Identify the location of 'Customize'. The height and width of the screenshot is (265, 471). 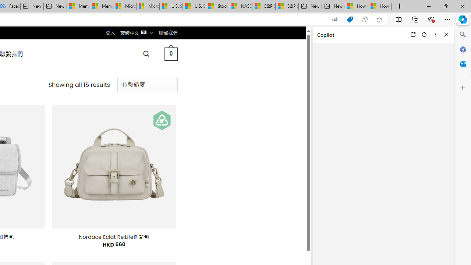
(463, 88).